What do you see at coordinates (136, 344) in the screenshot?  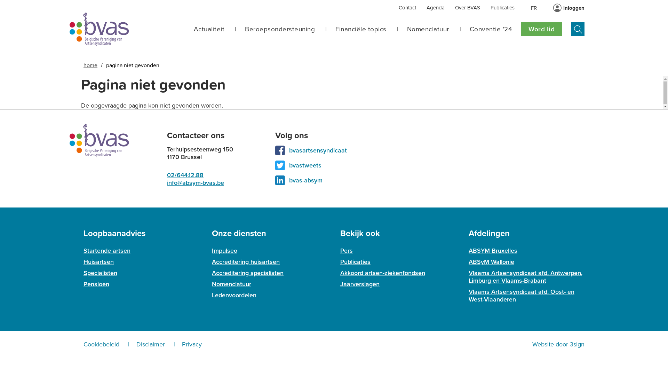 I see `'Disclaimer'` at bounding box center [136, 344].